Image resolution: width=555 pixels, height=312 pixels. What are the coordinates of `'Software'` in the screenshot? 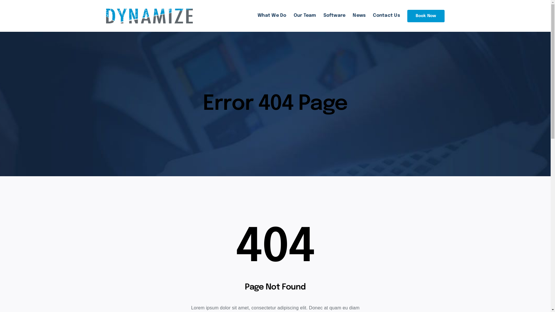 It's located at (334, 15).